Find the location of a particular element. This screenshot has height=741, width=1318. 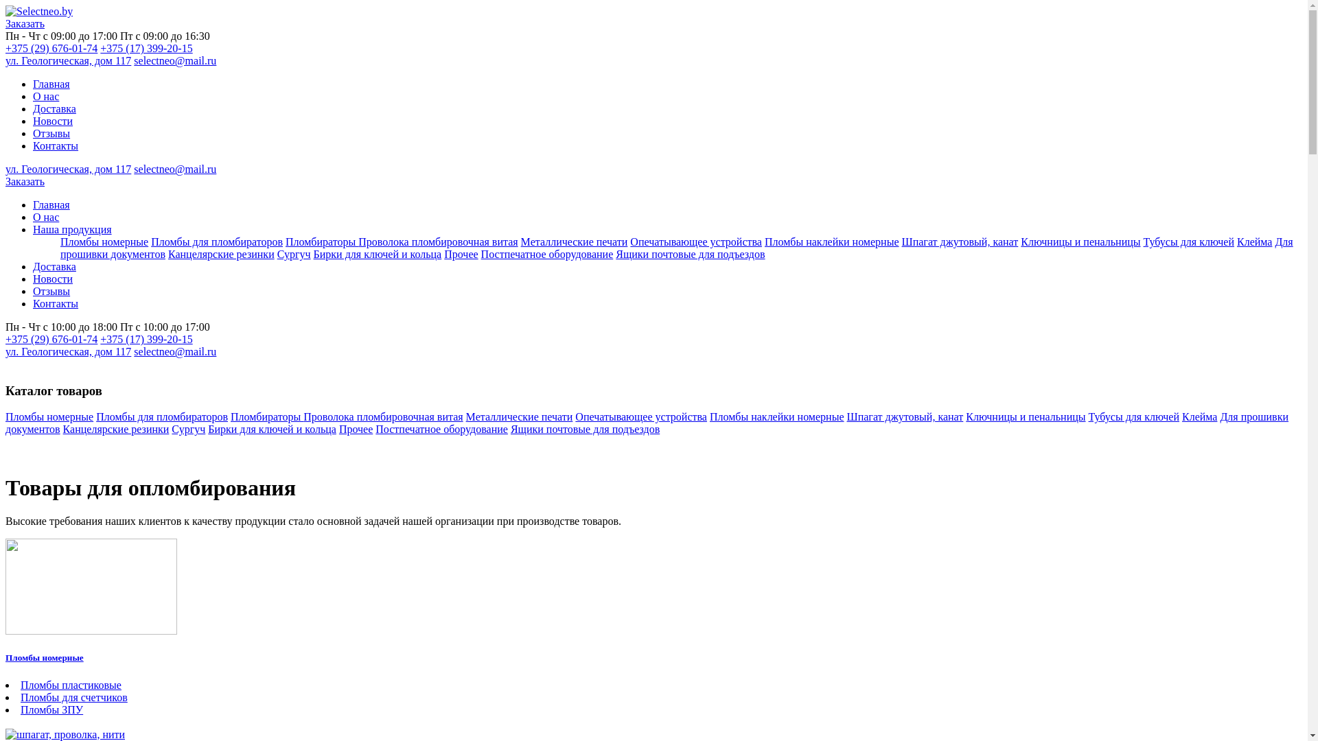

'selectneo@mail.ru' is located at coordinates (174, 60).